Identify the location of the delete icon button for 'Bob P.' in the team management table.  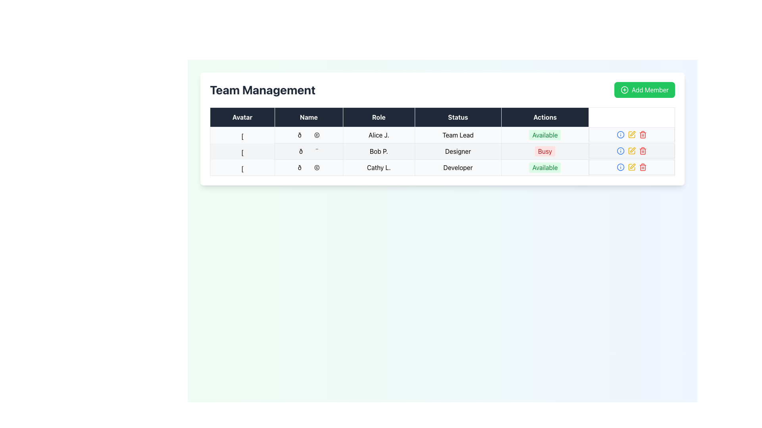
(643, 151).